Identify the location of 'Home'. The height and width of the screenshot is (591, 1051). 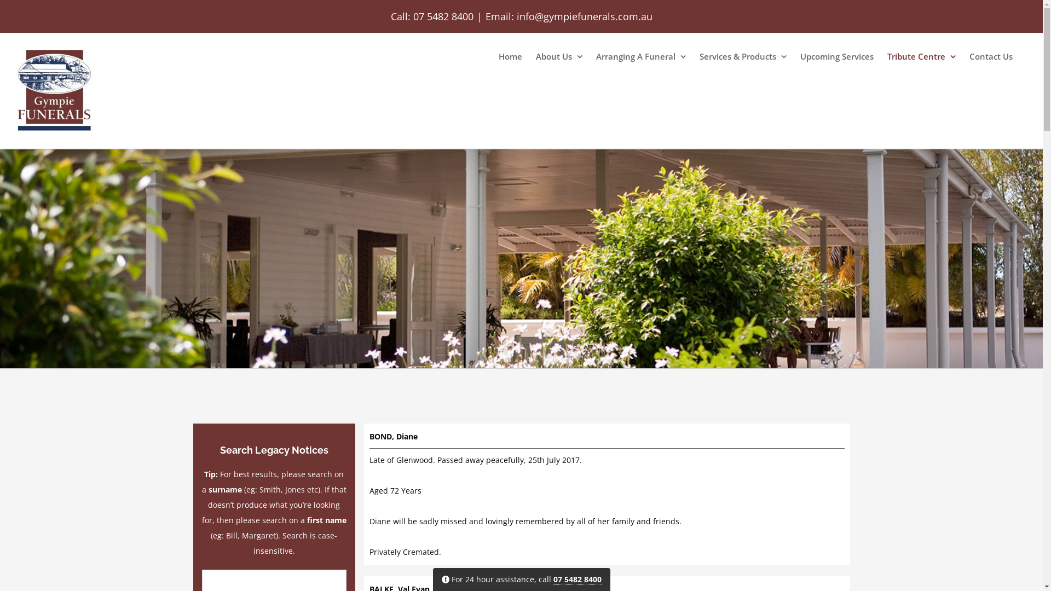
(510, 56).